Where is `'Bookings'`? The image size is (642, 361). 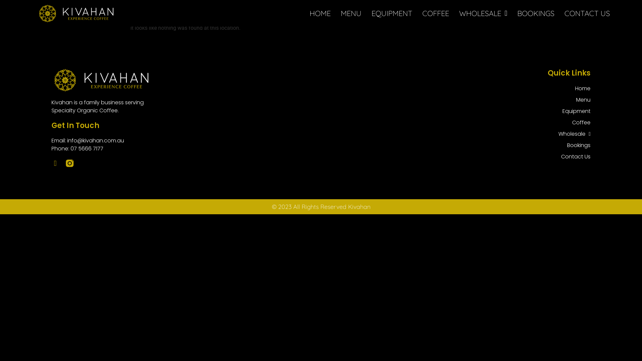
'Bookings' is located at coordinates (574, 145).